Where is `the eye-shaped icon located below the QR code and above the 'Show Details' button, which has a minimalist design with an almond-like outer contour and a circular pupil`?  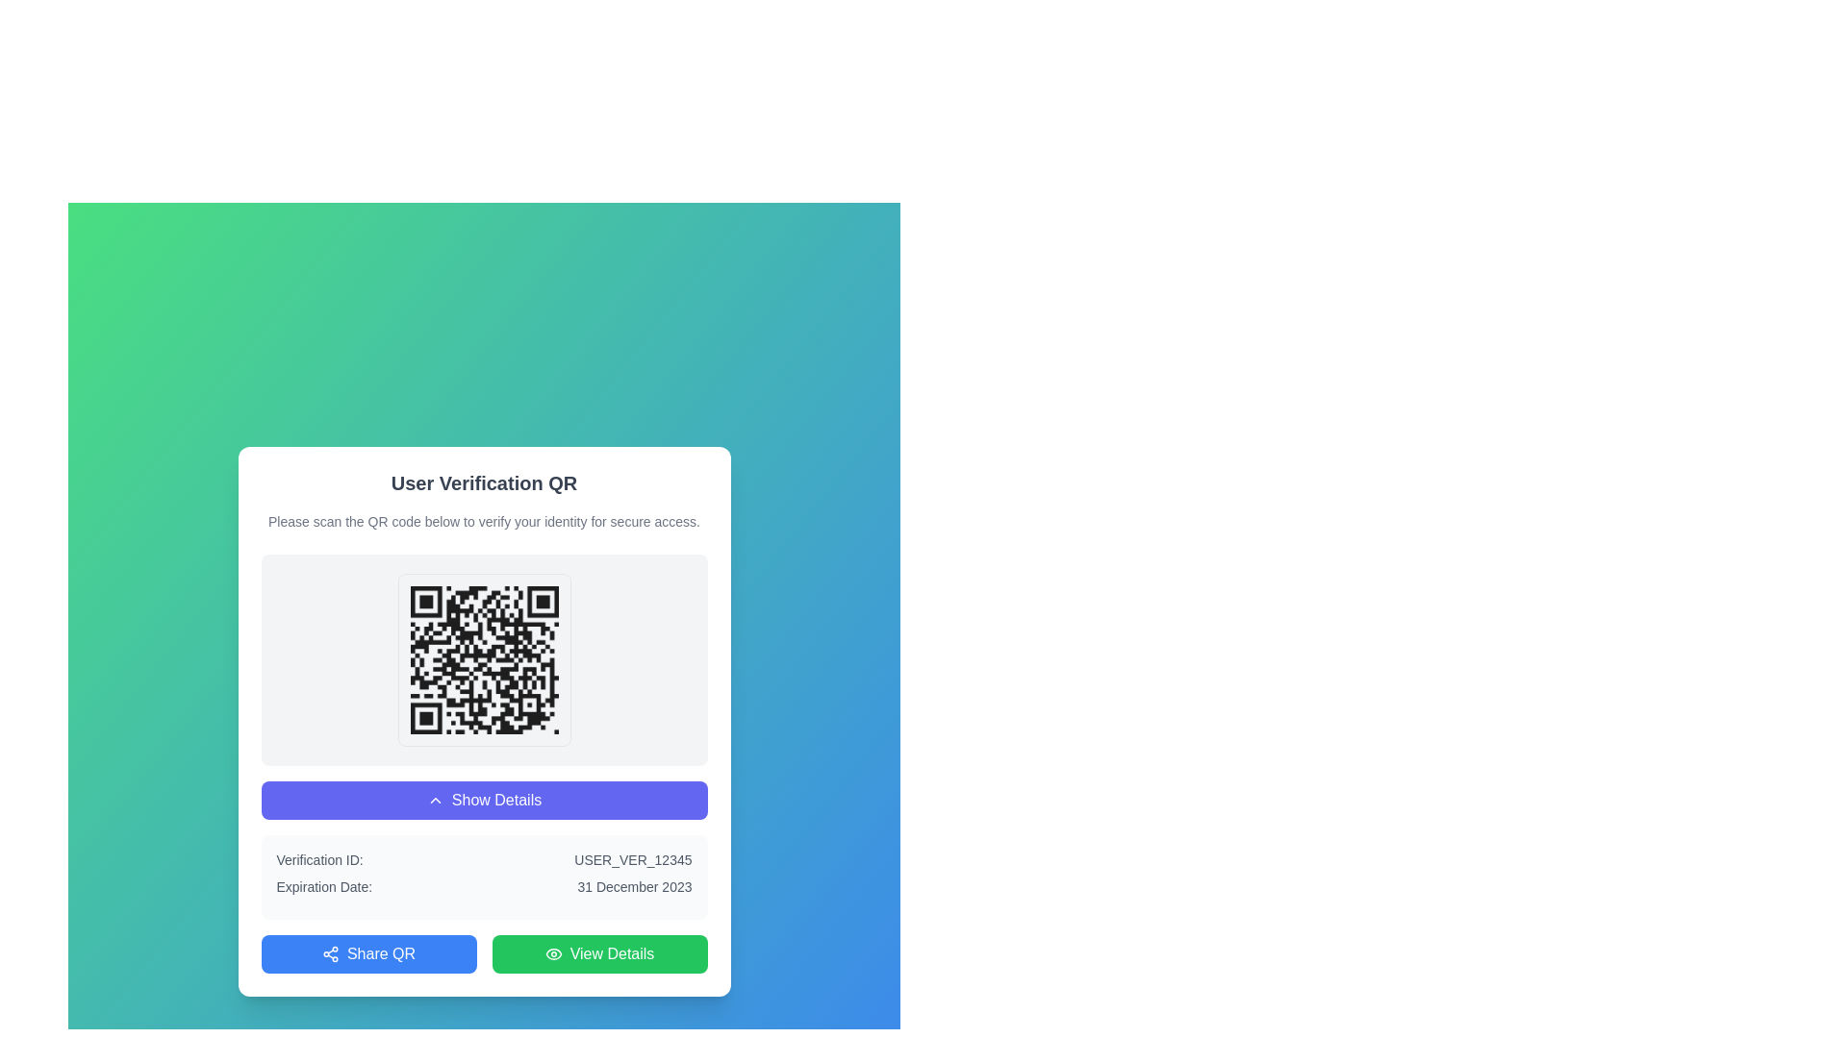 the eye-shaped icon located below the QR code and above the 'Show Details' button, which has a minimalist design with an almond-like outer contour and a circular pupil is located at coordinates (552, 953).